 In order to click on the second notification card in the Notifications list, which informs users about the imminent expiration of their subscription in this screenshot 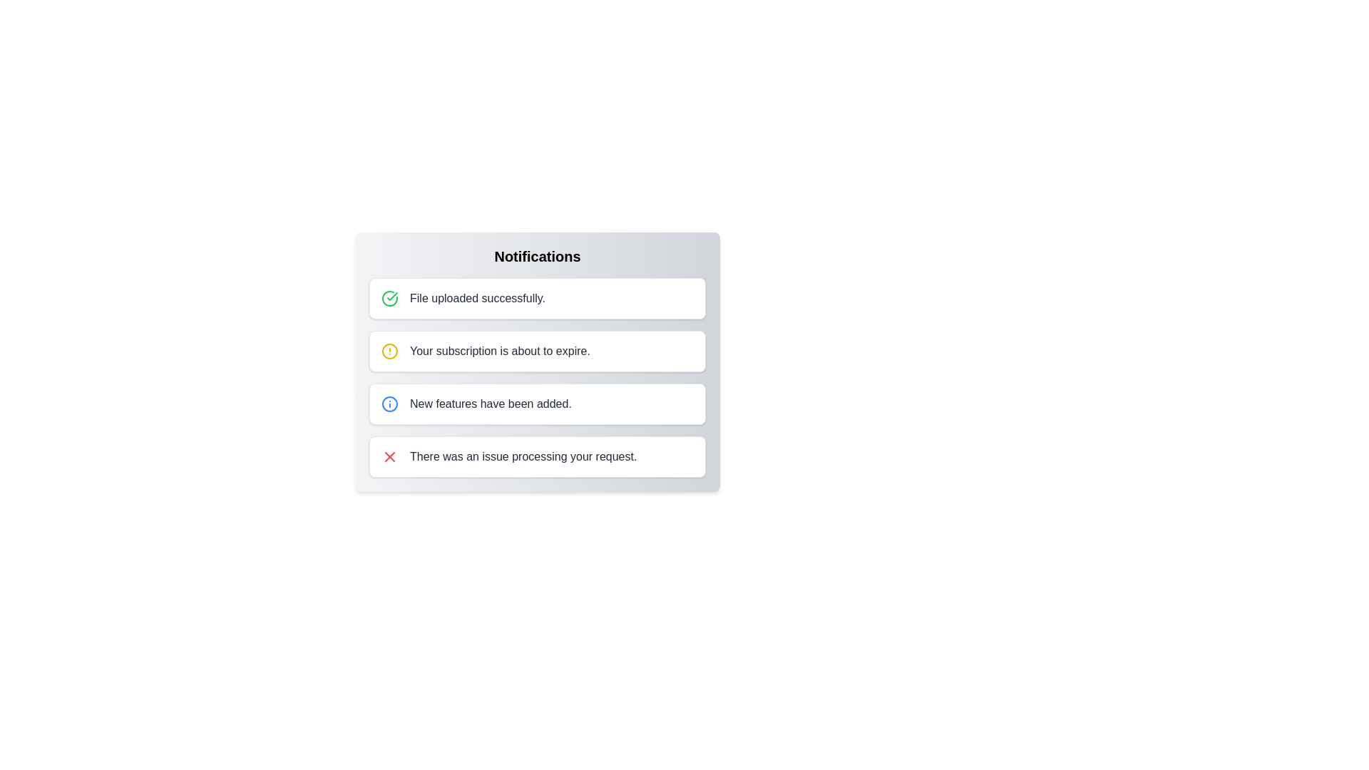, I will do `click(536, 351)`.